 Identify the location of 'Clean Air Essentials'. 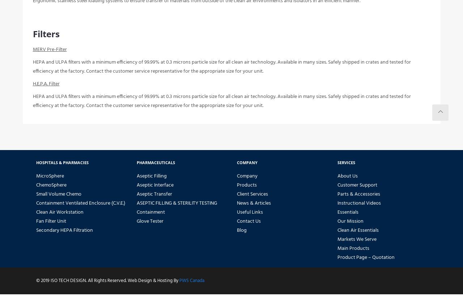
(358, 235).